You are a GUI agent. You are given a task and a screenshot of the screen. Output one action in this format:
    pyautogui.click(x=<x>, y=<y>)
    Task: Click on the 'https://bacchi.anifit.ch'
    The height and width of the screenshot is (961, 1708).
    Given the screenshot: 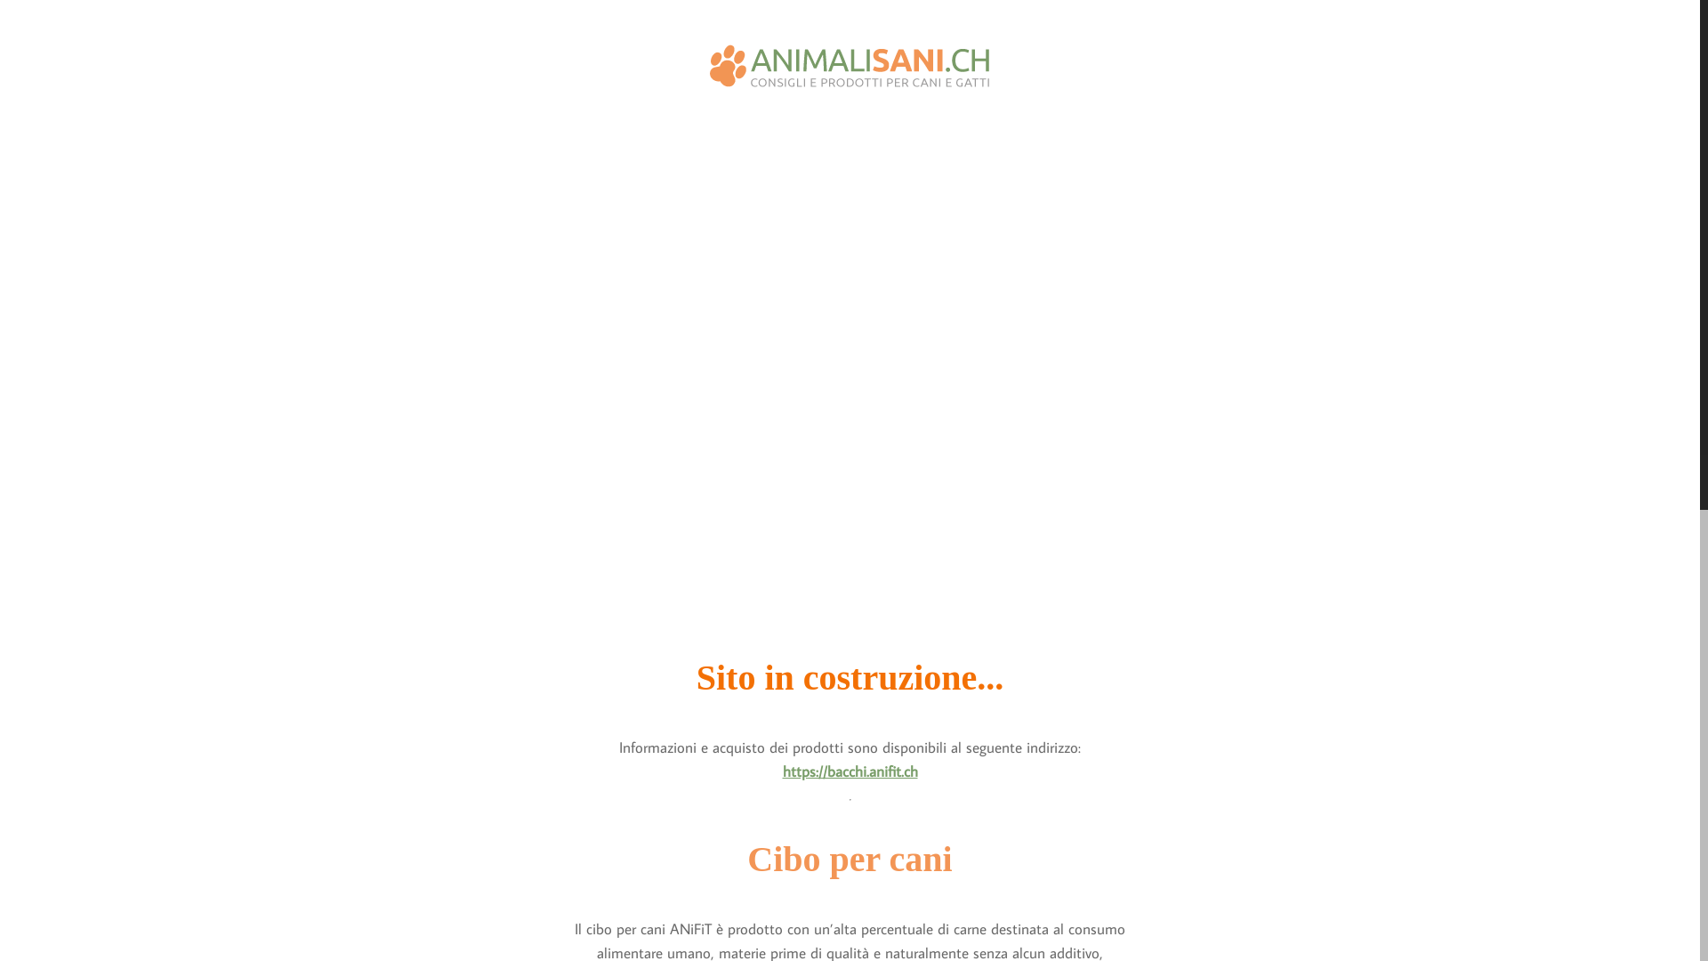 What is the action you would take?
    pyautogui.click(x=849, y=771)
    